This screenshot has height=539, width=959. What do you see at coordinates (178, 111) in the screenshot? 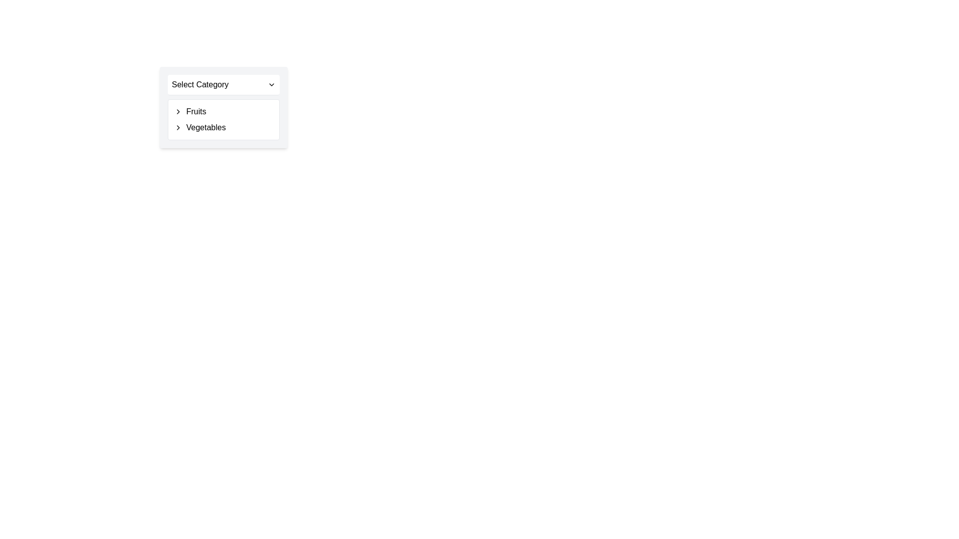
I see `the Chevron Icon, which is a small rightward-pointing icon used for navigation, located to the left of the 'Fruits' text in the dropdown menu` at bounding box center [178, 111].